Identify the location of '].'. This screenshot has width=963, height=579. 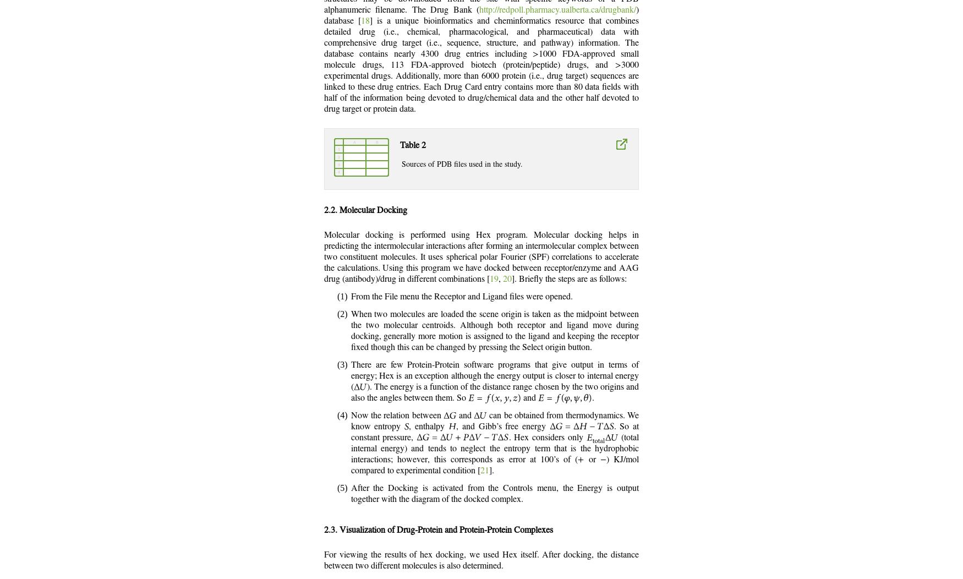
(490, 469).